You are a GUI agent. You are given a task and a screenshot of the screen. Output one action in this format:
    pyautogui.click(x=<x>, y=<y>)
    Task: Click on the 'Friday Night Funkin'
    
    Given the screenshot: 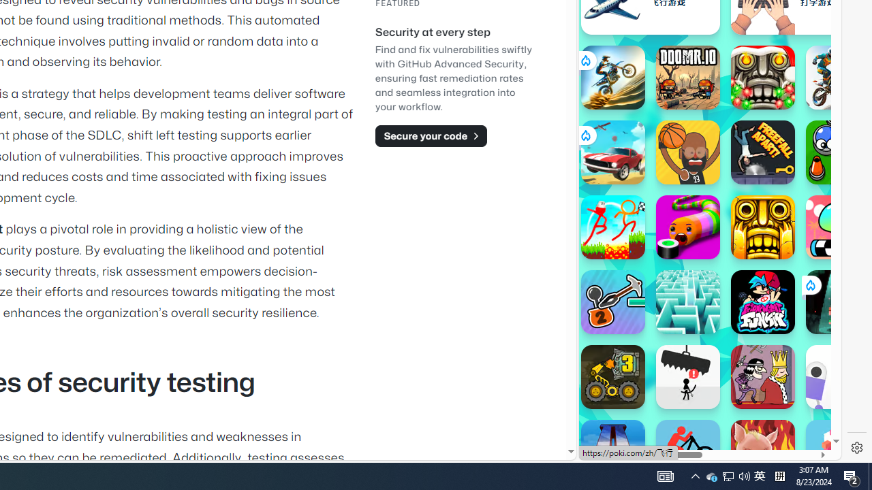 What is the action you would take?
    pyautogui.click(x=763, y=301)
    